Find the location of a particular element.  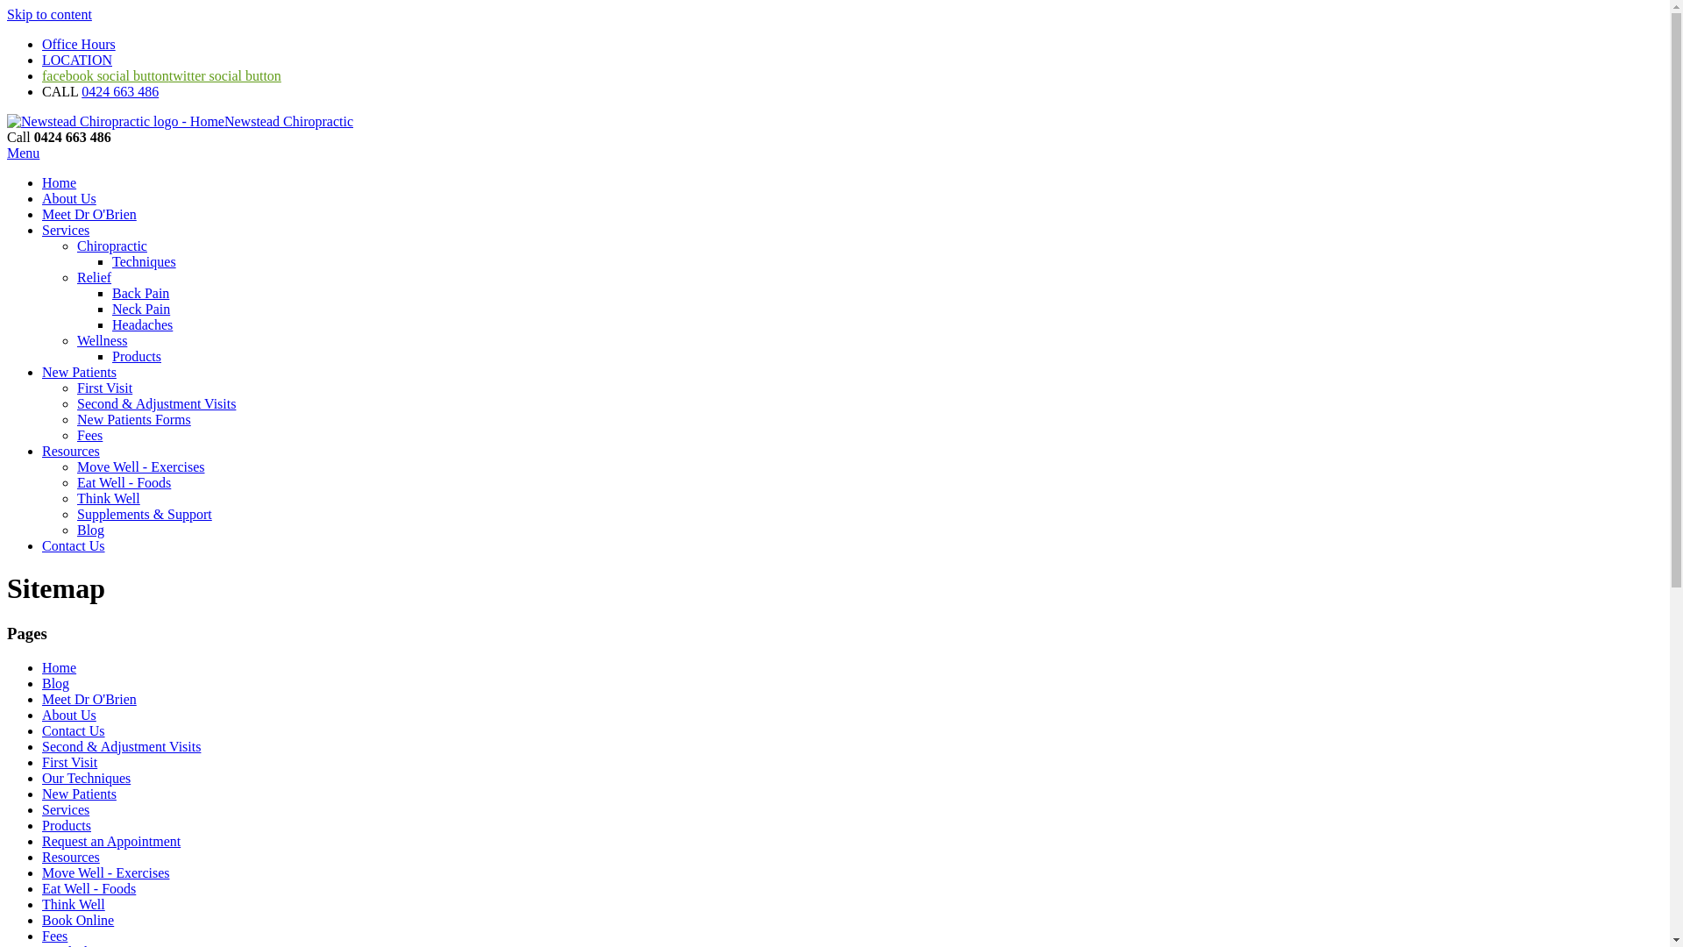

'Headaches' is located at coordinates (111, 324).